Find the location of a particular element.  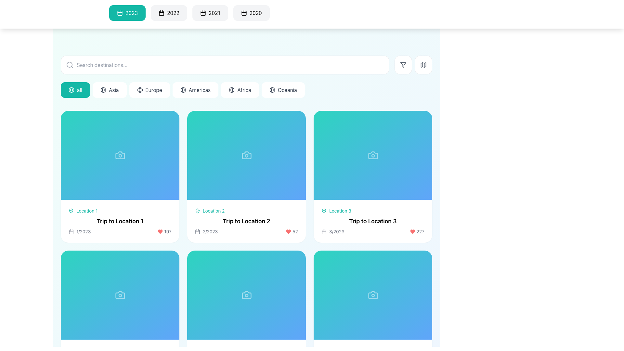

the decorative indicator icon marking the 'Location 3' label, which is part of the visual header for the 'Trip to Location 3' card in the grid layout is located at coordinates (324, 211).